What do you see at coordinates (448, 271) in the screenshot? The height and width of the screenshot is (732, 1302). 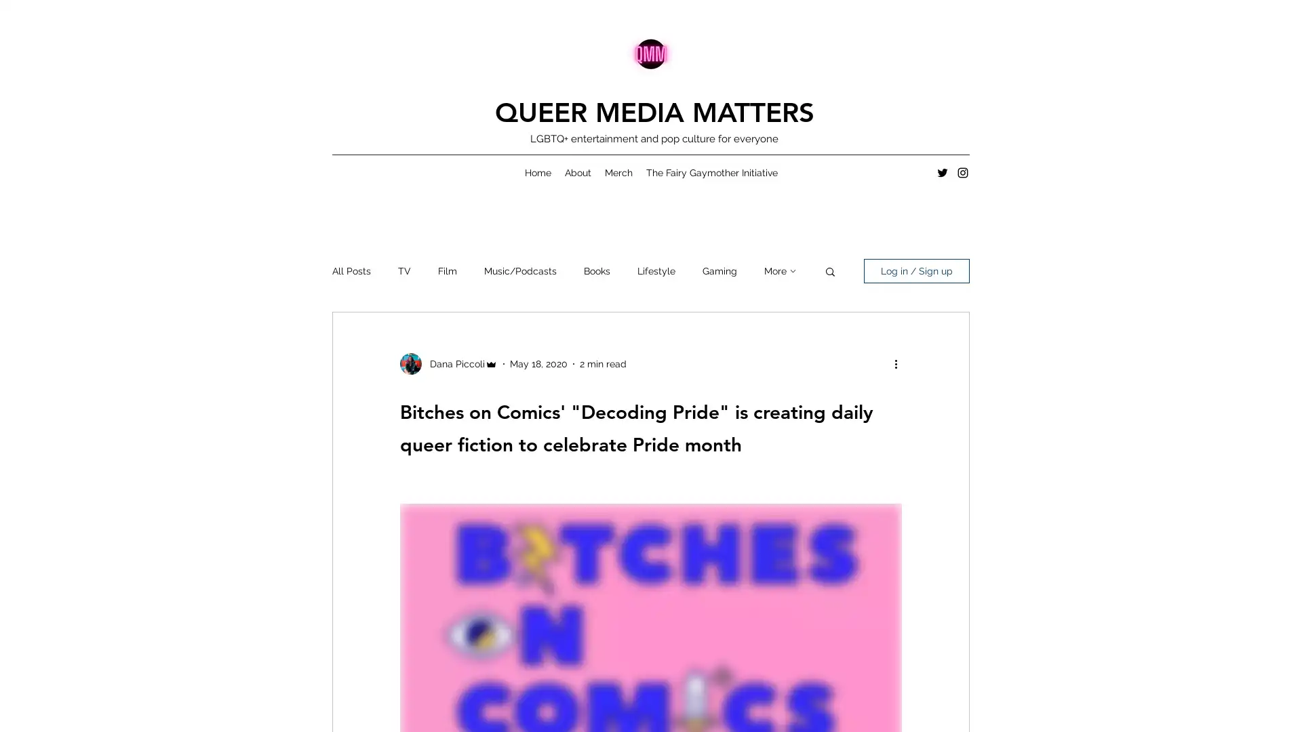 I see `Film` at bounding box center [448, 271].